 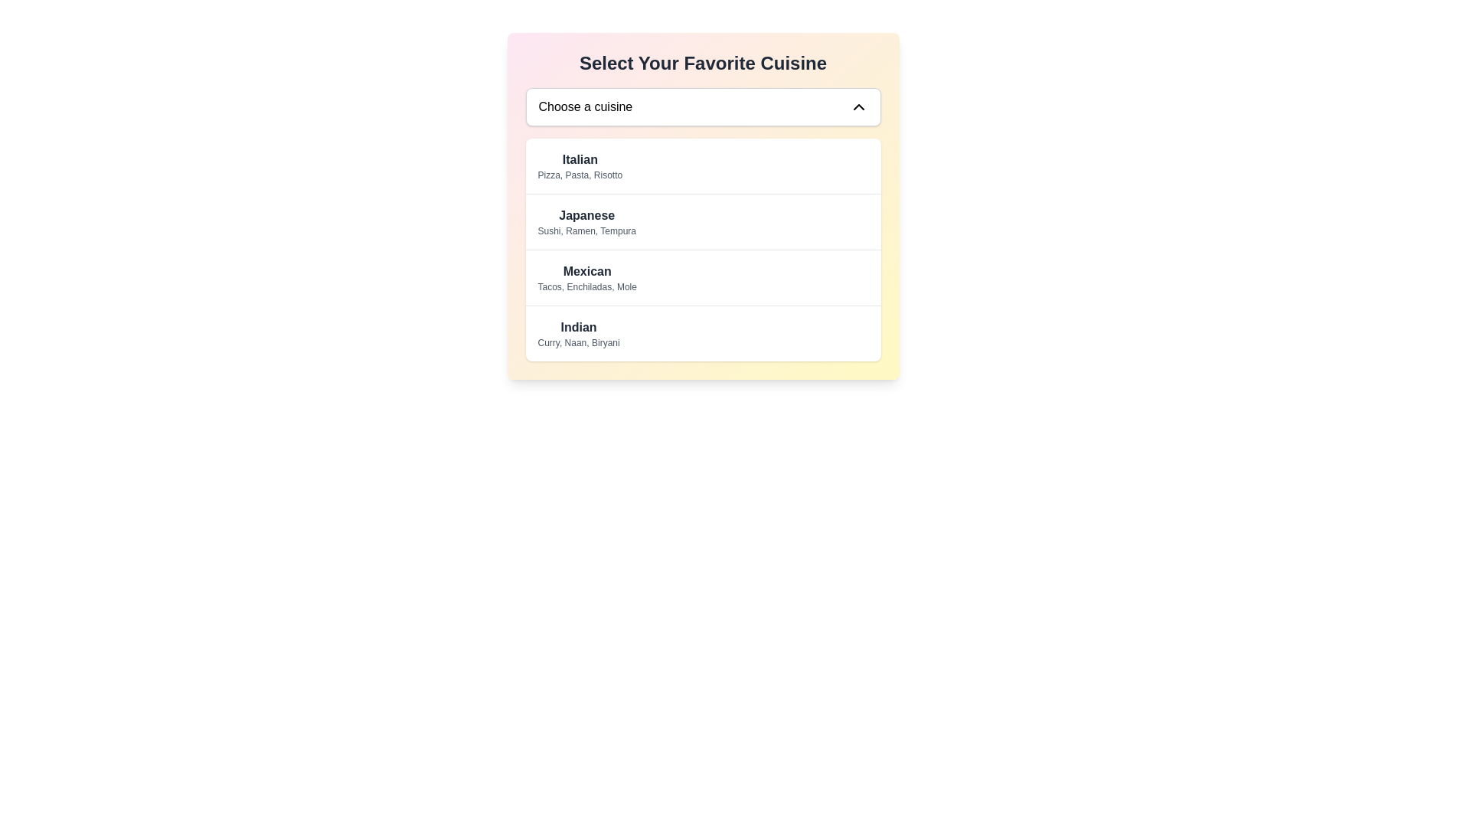 I want to click on the bold 'Japanese' text label in the dropdown menu, so click(x=586, y=215).